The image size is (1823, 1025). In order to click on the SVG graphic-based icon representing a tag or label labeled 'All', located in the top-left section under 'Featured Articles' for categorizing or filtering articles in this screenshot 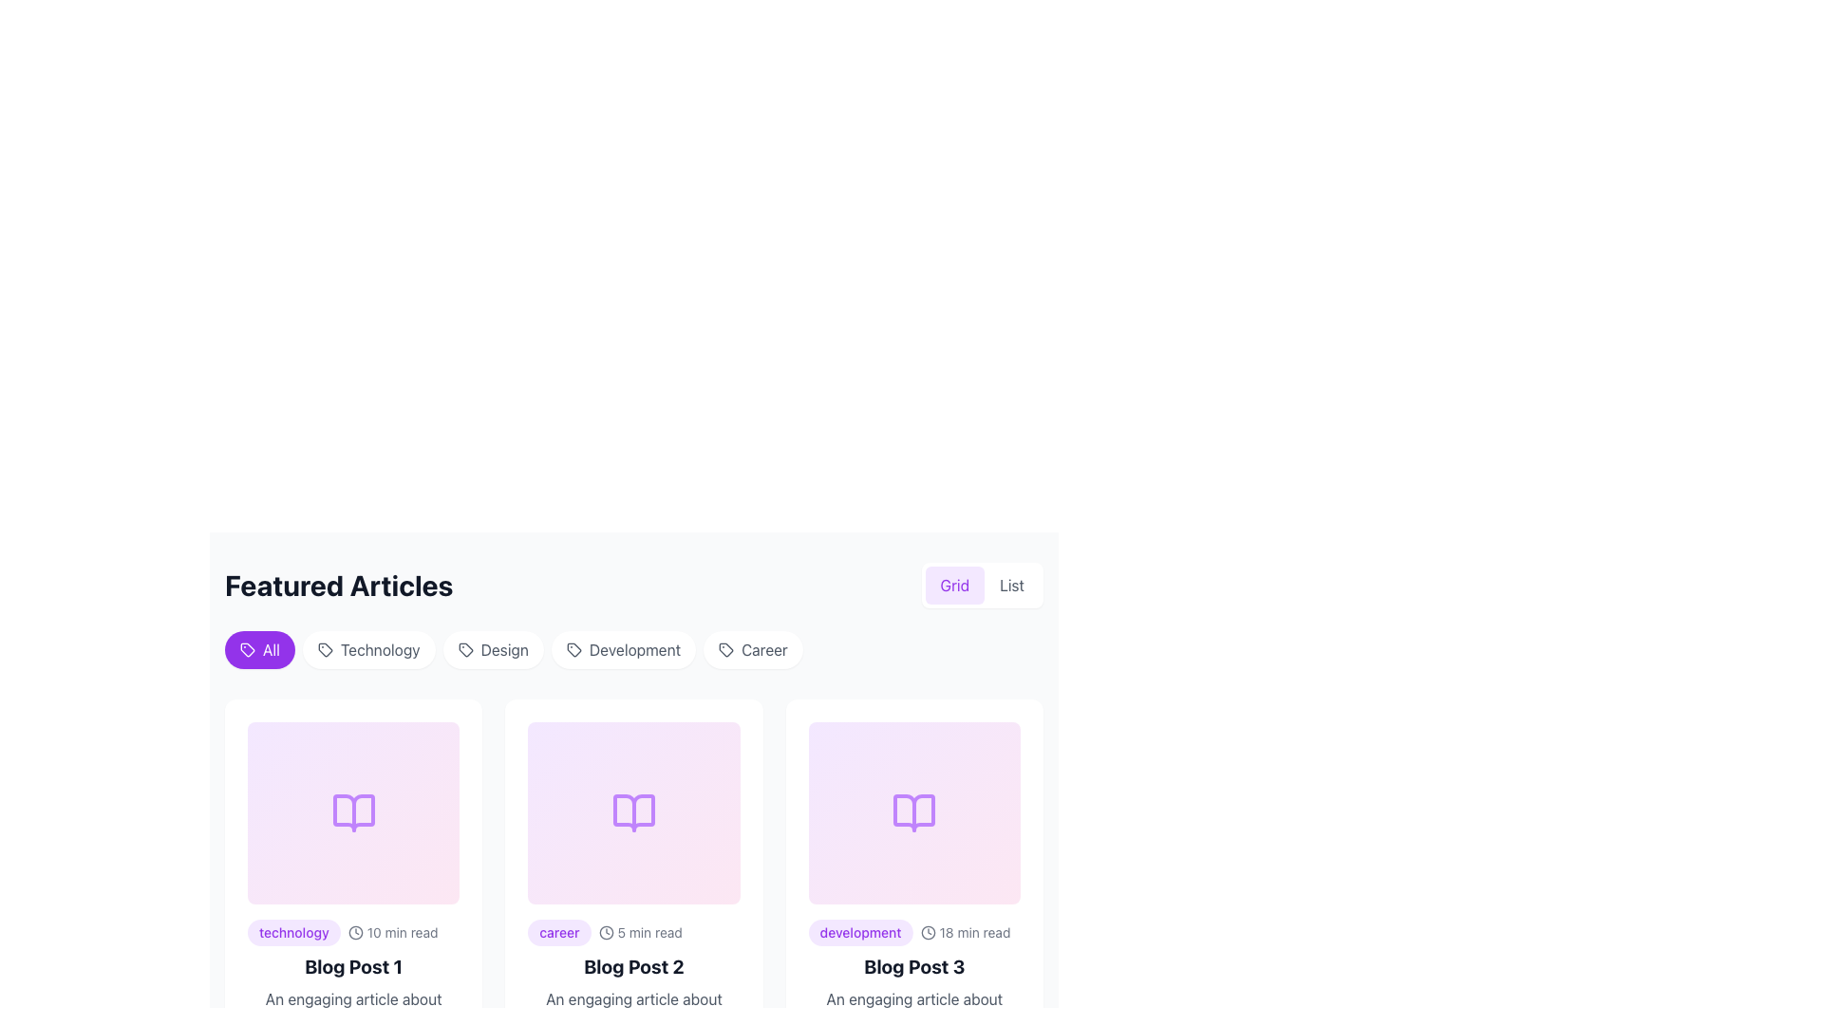, I will do `click(246, 649)`.